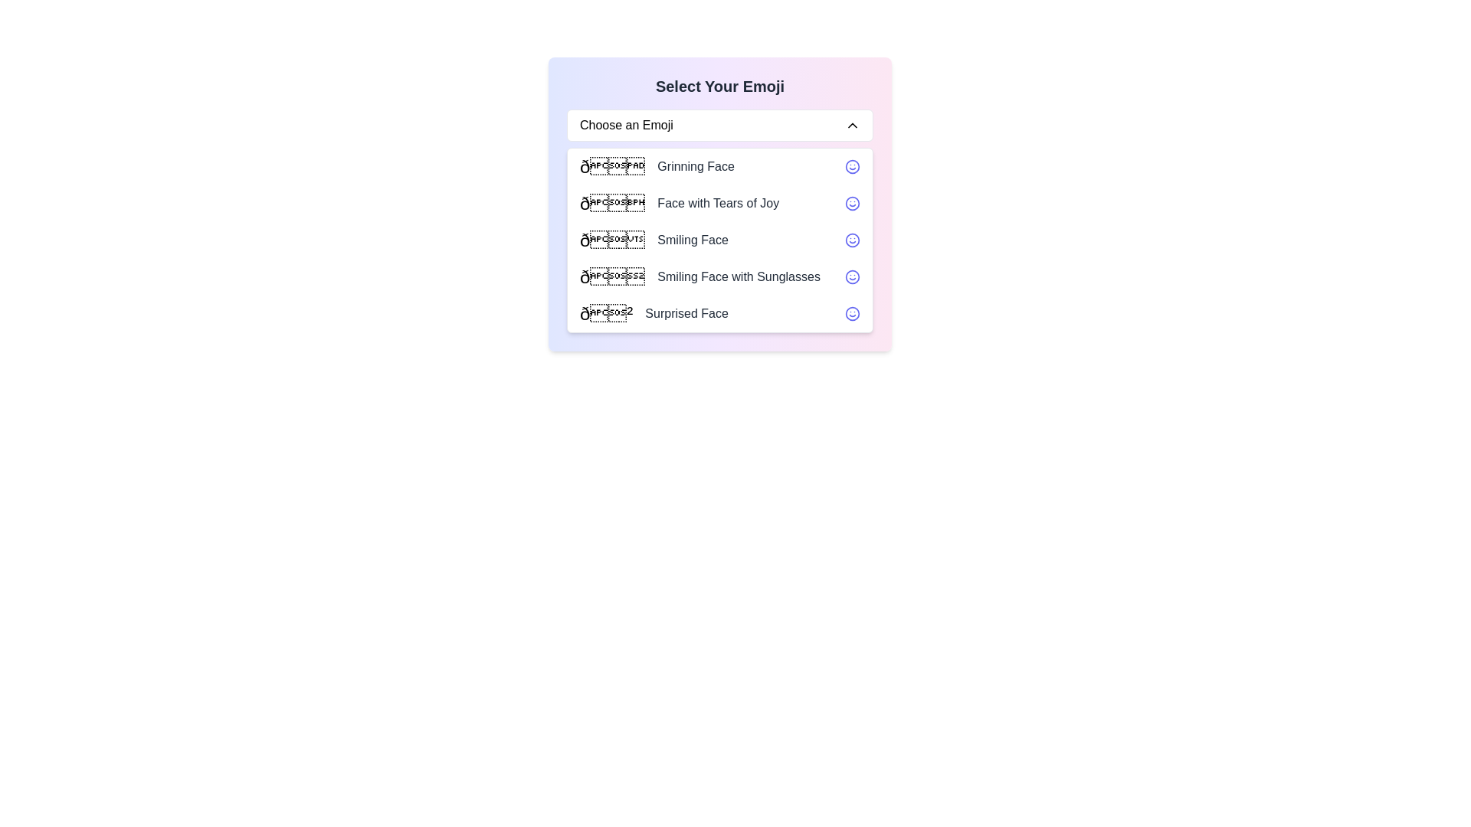 This screenshot has width=1471, height=827. I want to click on the 'Smiling Face with Sunglasses' emoji icon located to the left of the text in the fourth item of the dropdown menu, so click(611, 277).